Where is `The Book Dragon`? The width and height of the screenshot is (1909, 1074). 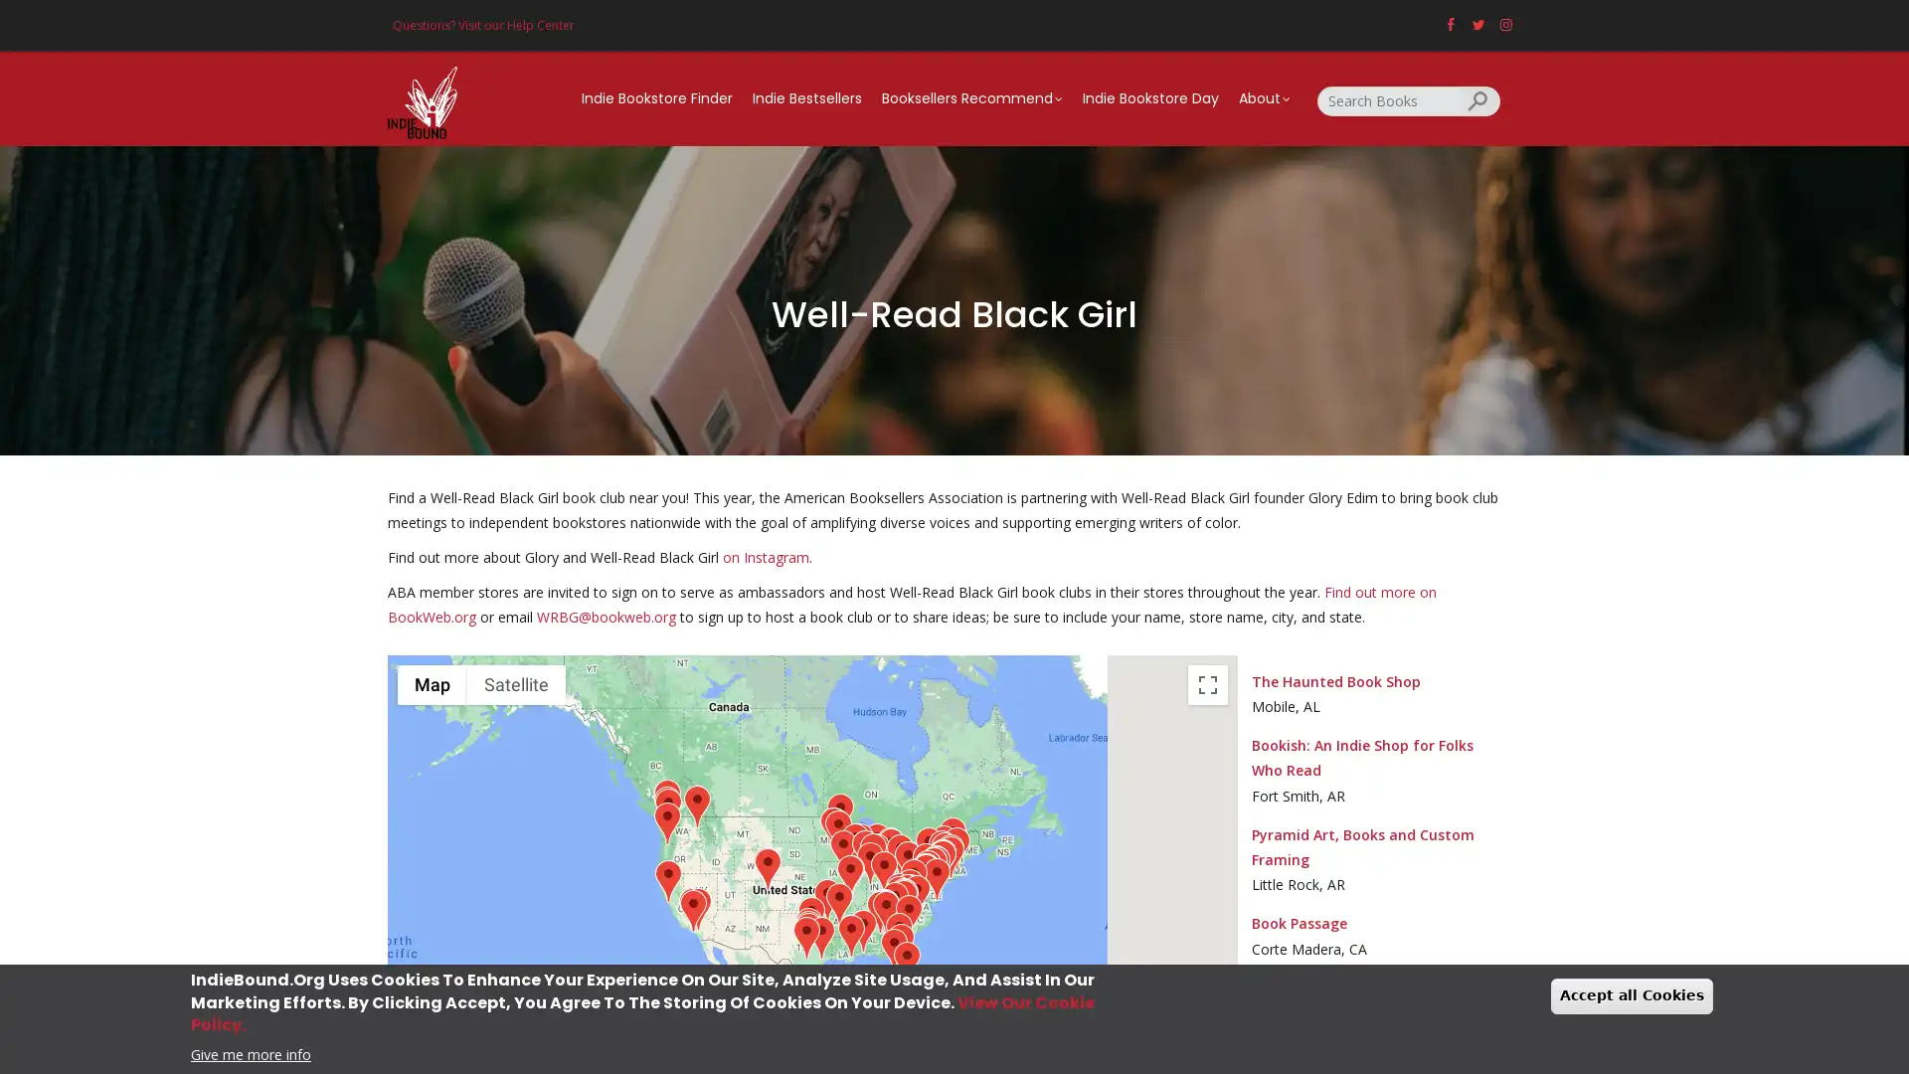 The Book Dragon is located at coordinates (912, 878).